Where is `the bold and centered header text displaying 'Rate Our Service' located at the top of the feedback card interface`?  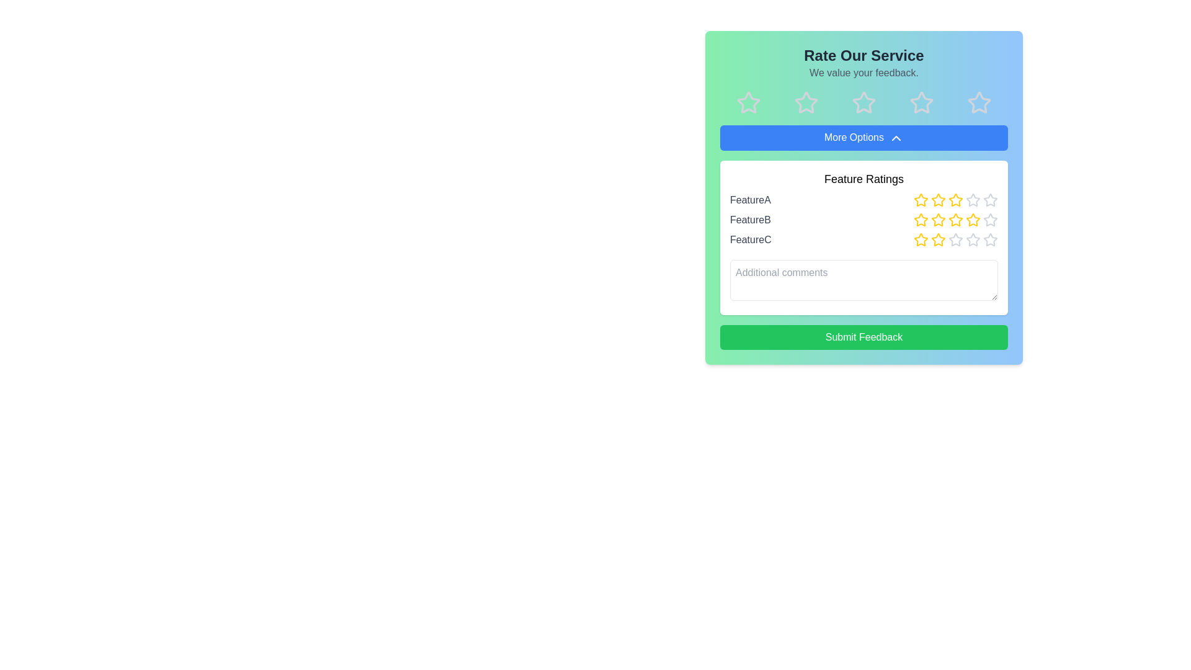 the bold and centered header text displaying 'Rate Our Service' located at the top of the feedback card interface is located at coordinates (863, 55).